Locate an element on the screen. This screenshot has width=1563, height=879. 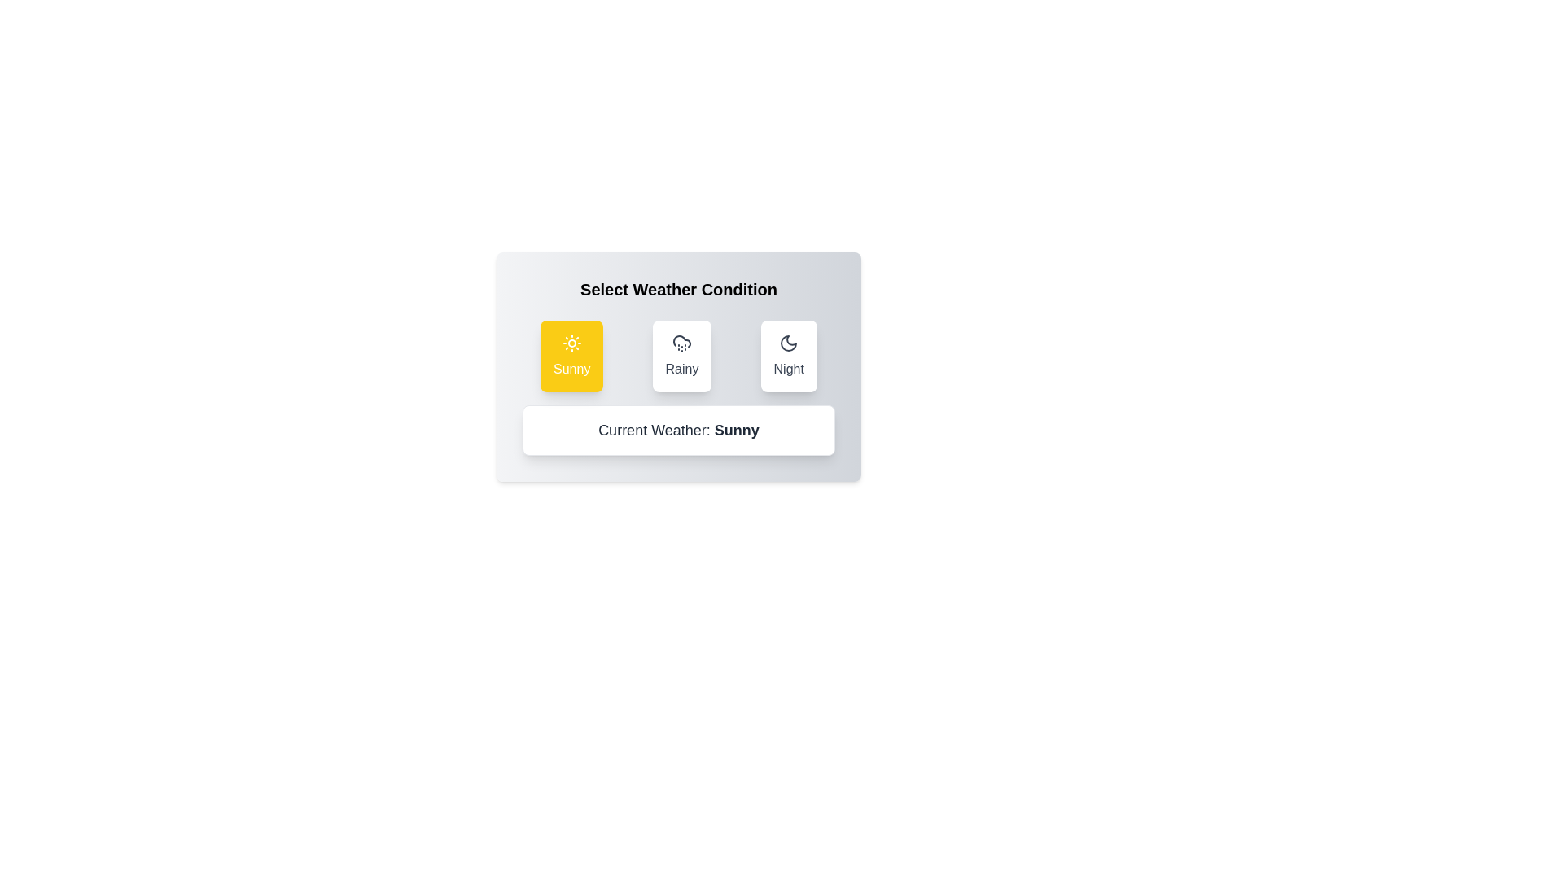
the button representing Sunny to observe the hover effect is located at coordinates (571, 356).